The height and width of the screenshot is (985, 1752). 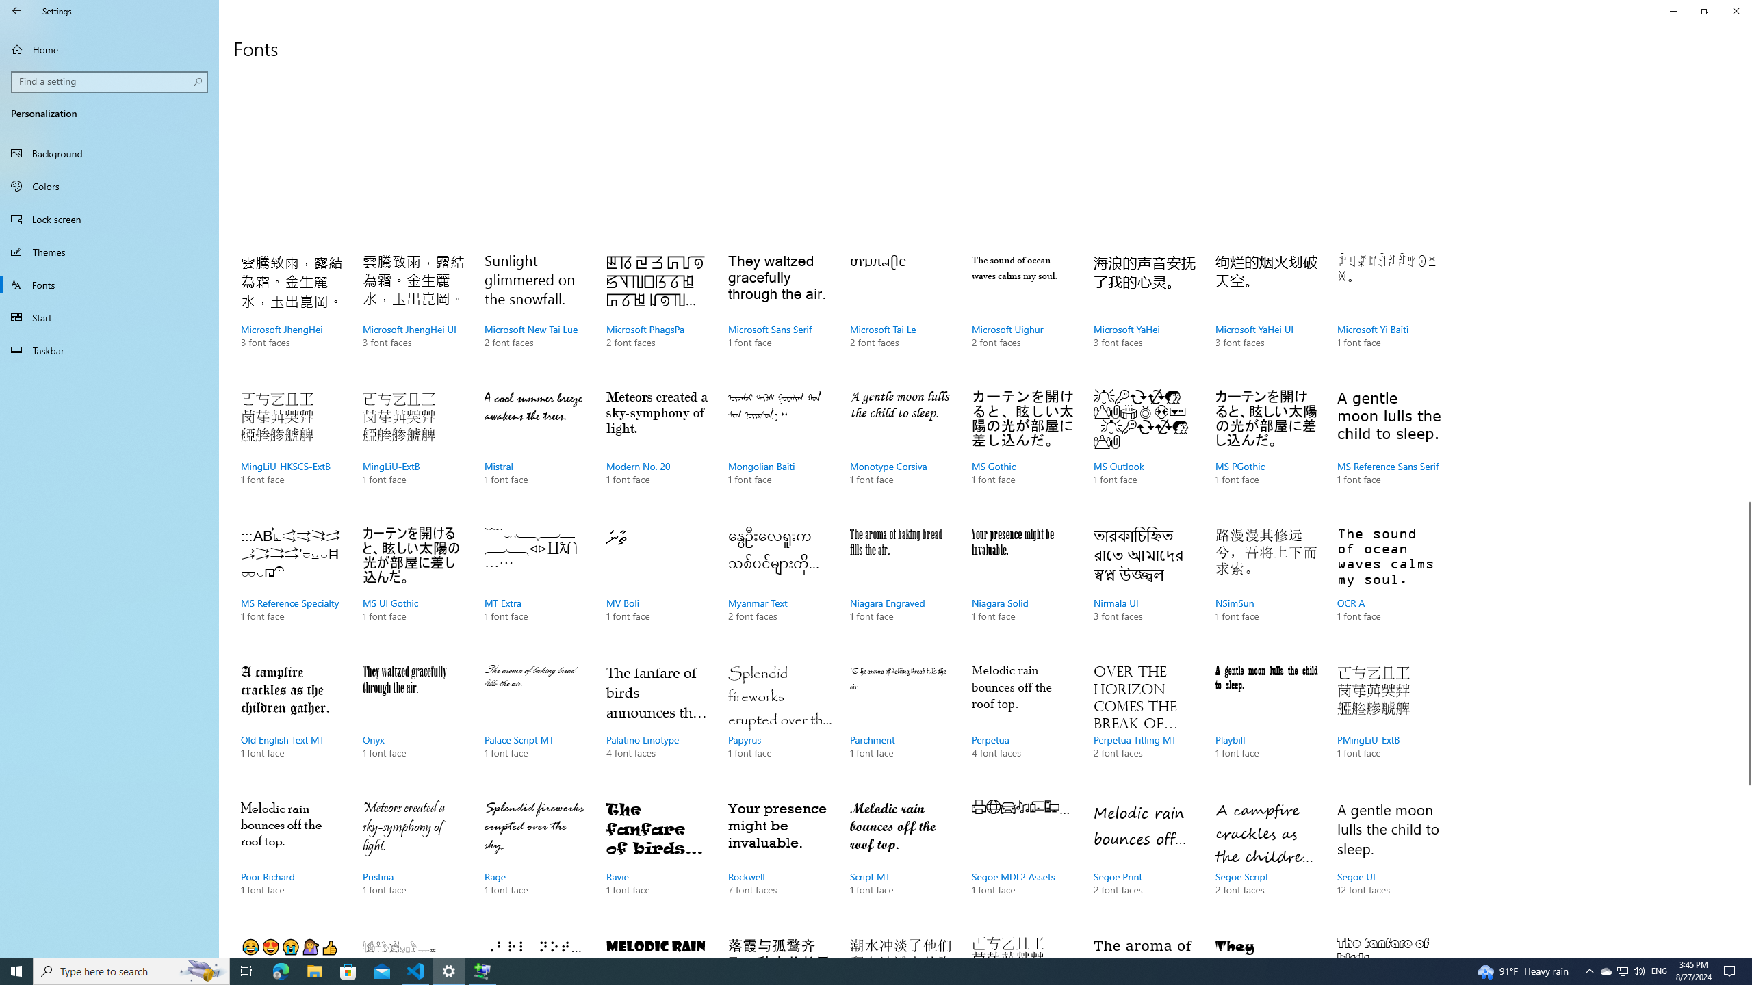 What do you see at coordinates (1387, 862) in the screenshot?
I see `'Segoe UI, 12 font faces'` at bounding box center [1387, 862].